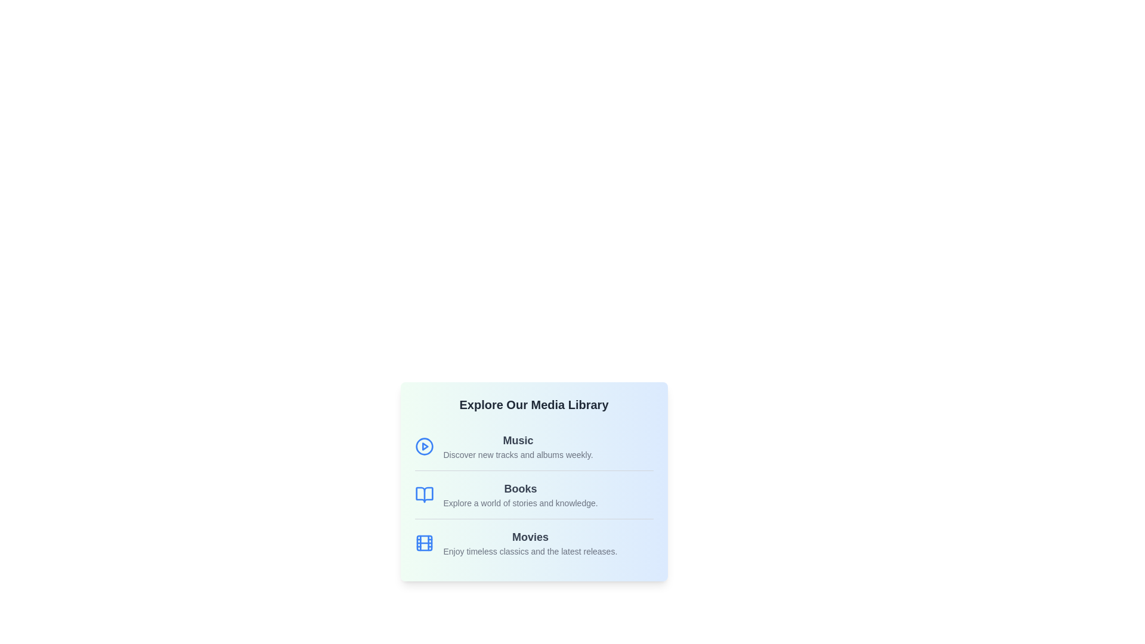 The width and height of the screenshot is (1145, 644). What do you see at coordinates (533, 494) in the screenshot?
I see `the 'Books' category in the Media Library` at bounding box center [533, 494].